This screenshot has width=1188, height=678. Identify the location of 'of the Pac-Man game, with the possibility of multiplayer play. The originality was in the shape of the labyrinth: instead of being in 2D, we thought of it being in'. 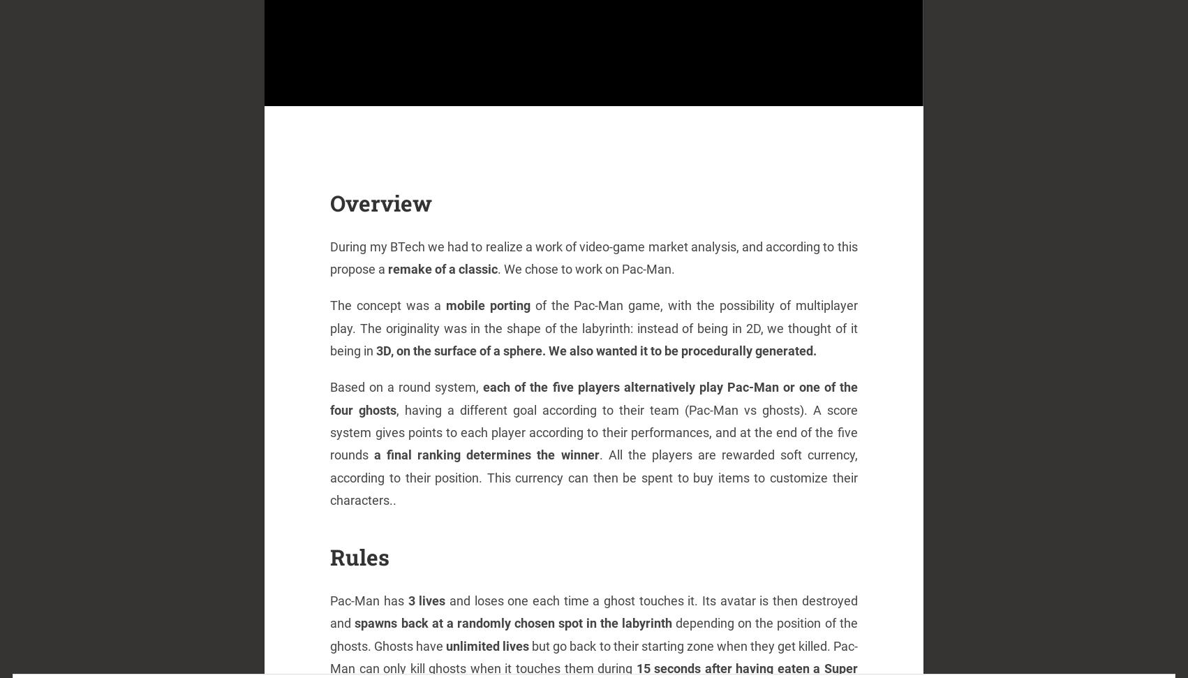
(593, 327).